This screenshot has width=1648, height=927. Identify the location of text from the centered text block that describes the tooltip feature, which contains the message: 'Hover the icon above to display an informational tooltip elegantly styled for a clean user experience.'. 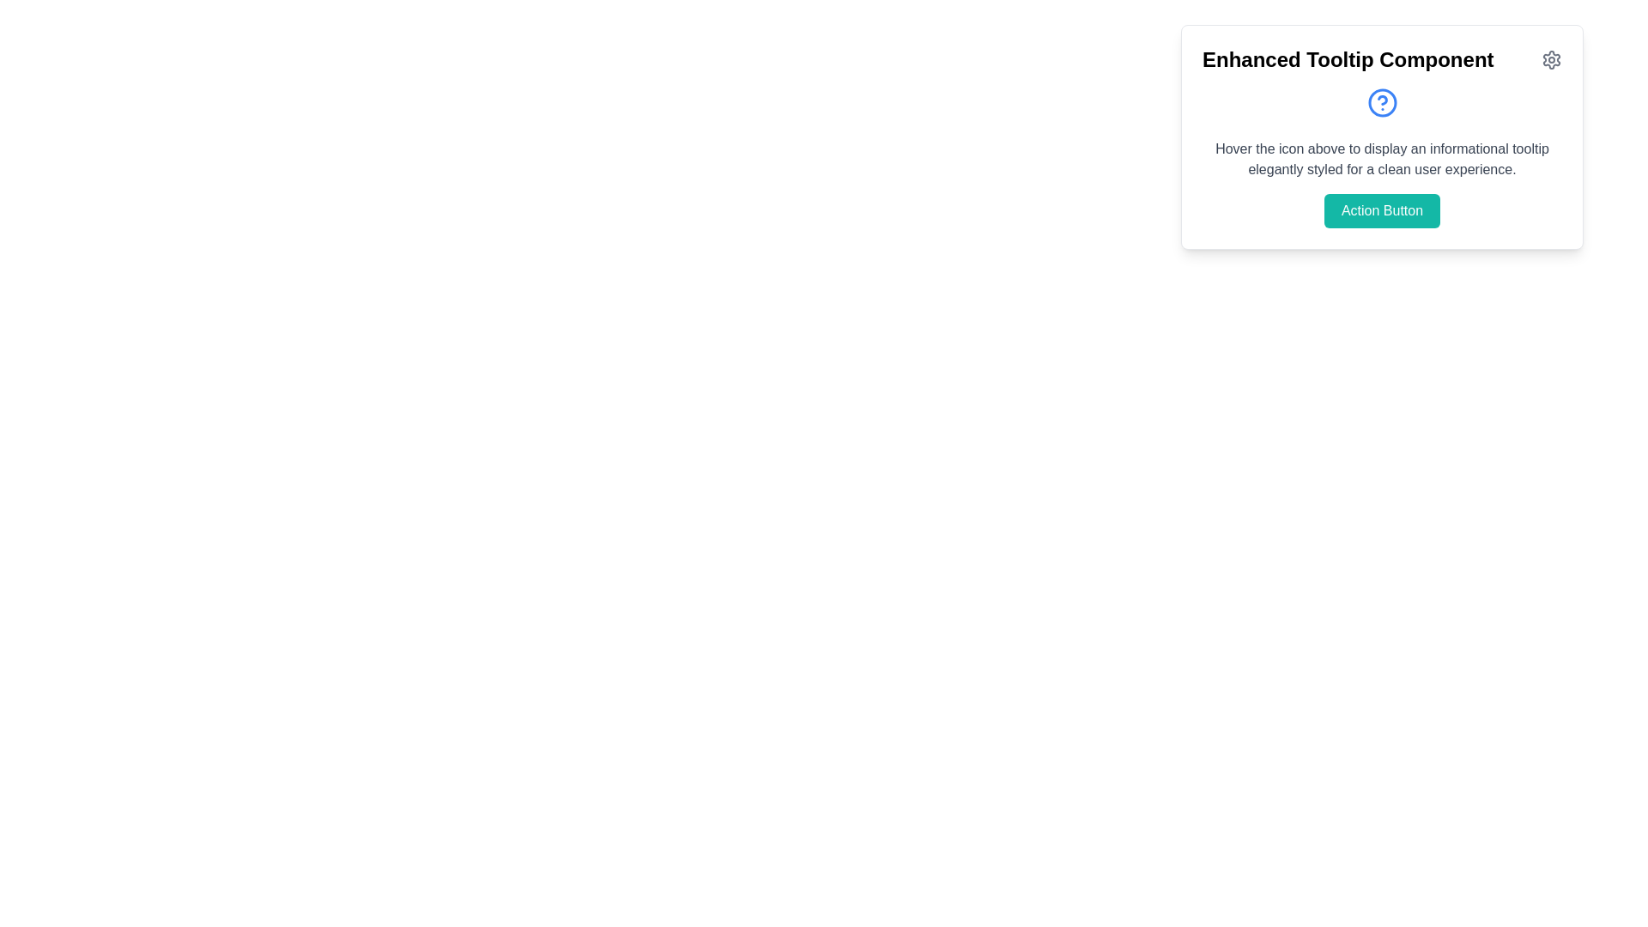
(1382, 159).